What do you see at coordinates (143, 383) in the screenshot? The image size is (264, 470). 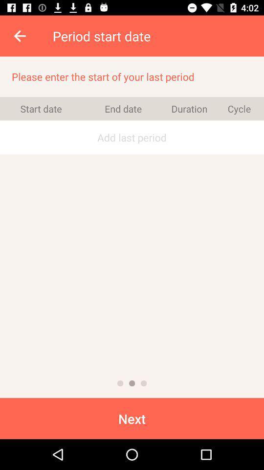 I see `page 3` at bounding box center [143, 383].